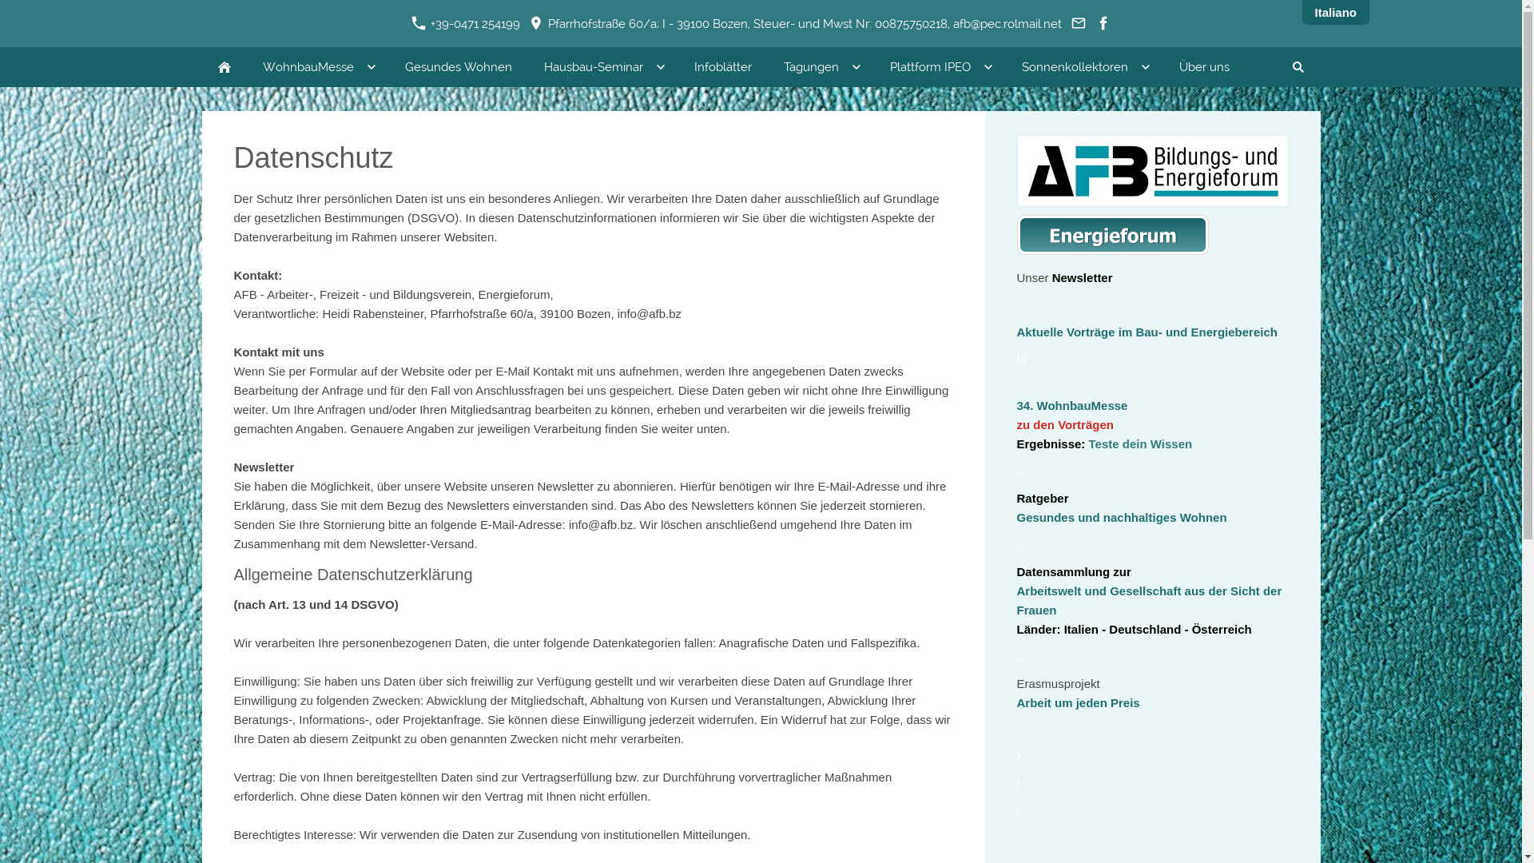 The height and width of the screenshot is (863, 1534). Describe the element at coordinates (1078, 24) in the screenshot. I see `'Senden Sie uns eine E-Mail-Nachricht'` at that location.